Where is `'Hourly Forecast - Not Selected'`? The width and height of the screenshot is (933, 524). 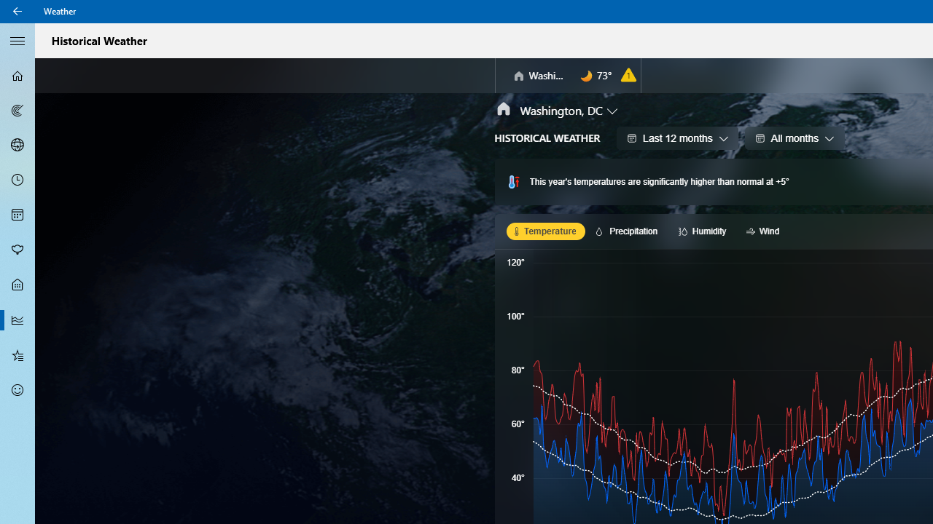 'Hourly Forecast - Not Selected' is located at coordinates (17, 180).